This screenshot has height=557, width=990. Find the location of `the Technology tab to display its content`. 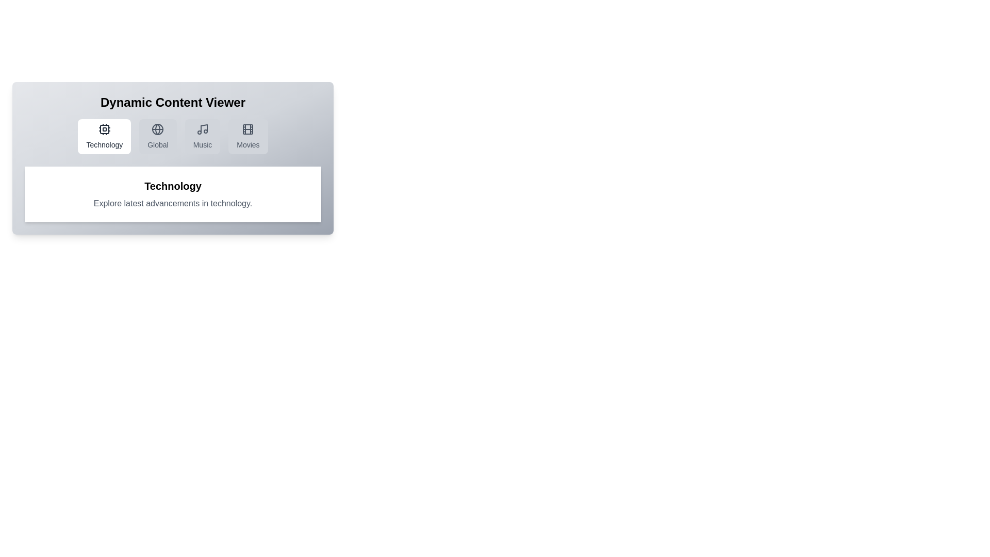

the Technology tab to display its content is located at coordinates (104, 136).